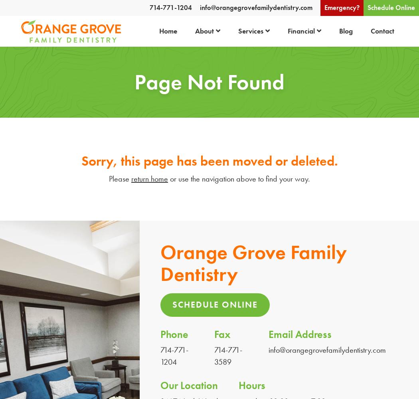 The width and height of the screenshot is (419, 399). Describe the element at coordinates (250, 30) in the screenshot. I see `'Services'` at that location.